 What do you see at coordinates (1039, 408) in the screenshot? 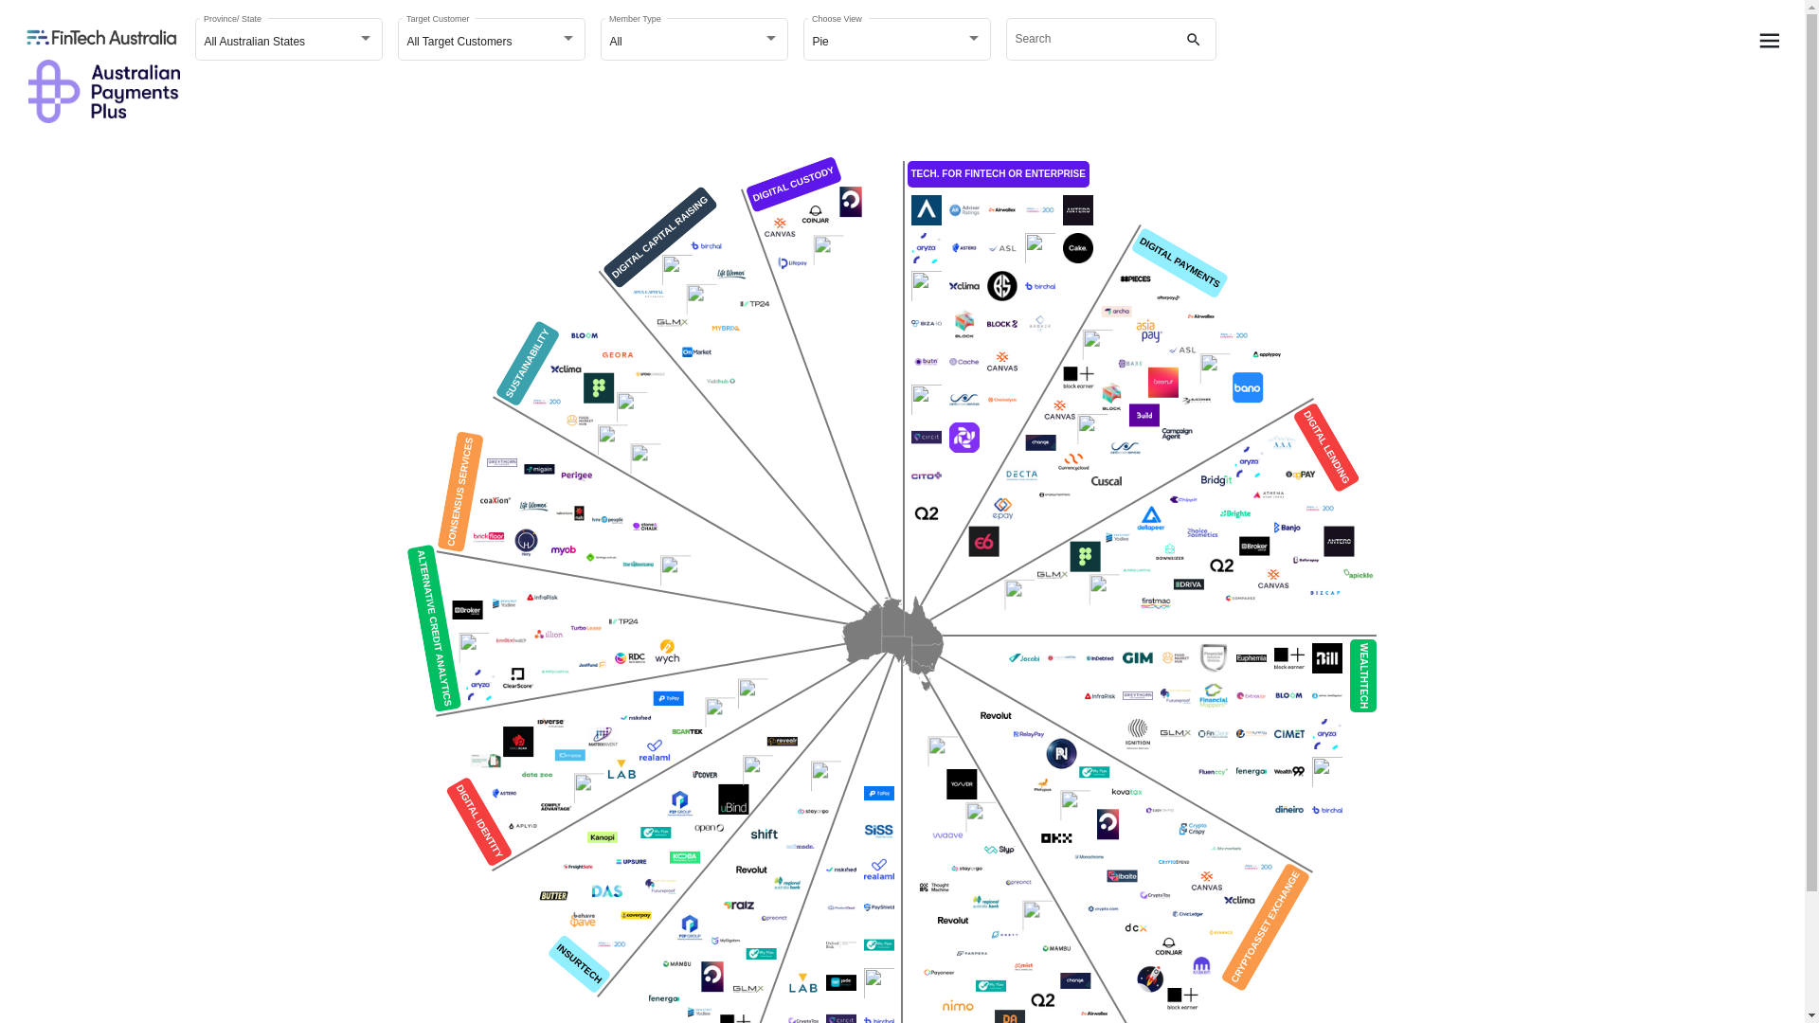
I see `'CANVAS'` at bounding box center [1039, 408].